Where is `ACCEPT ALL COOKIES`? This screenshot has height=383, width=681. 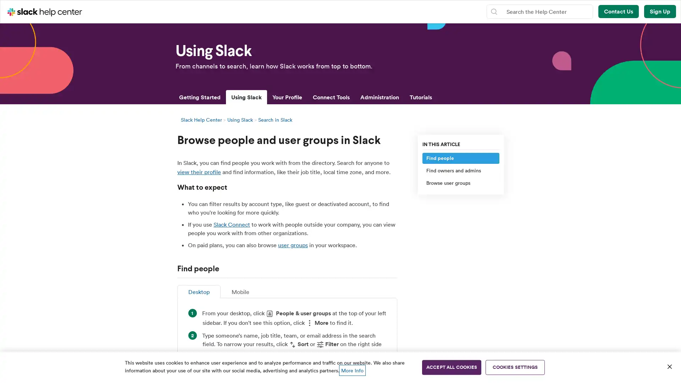 ACCEPT ALL COOKIES is located at coordinates (451, 367).